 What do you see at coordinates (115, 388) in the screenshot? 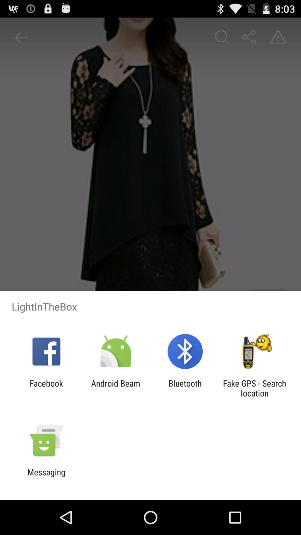
I see `android beam app` at bounding box center [115, 388].